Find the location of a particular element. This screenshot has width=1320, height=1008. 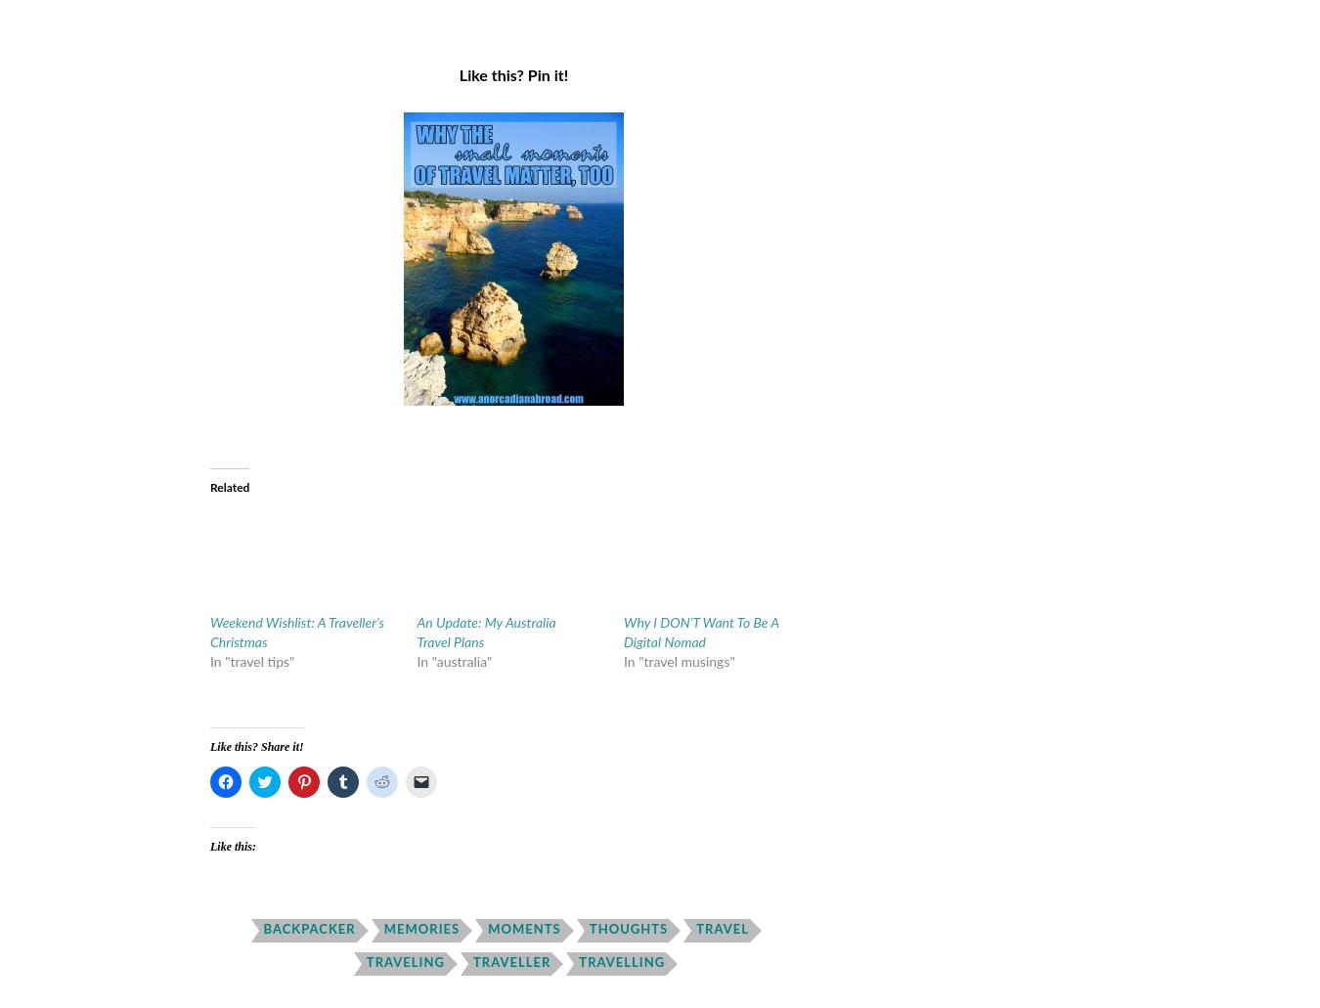

'thoughts' is located at coordinates (628, 928).